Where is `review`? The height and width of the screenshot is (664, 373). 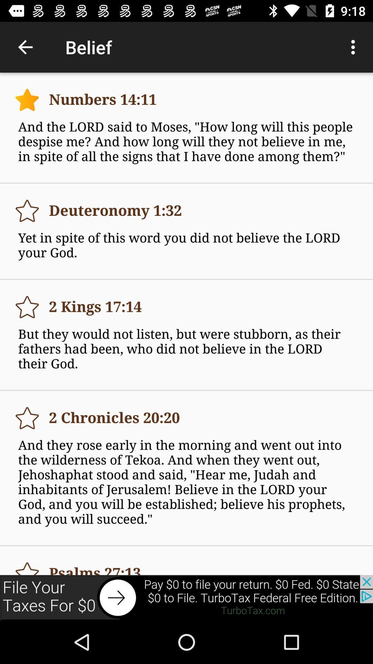
review is located at coordinates (27, 418).